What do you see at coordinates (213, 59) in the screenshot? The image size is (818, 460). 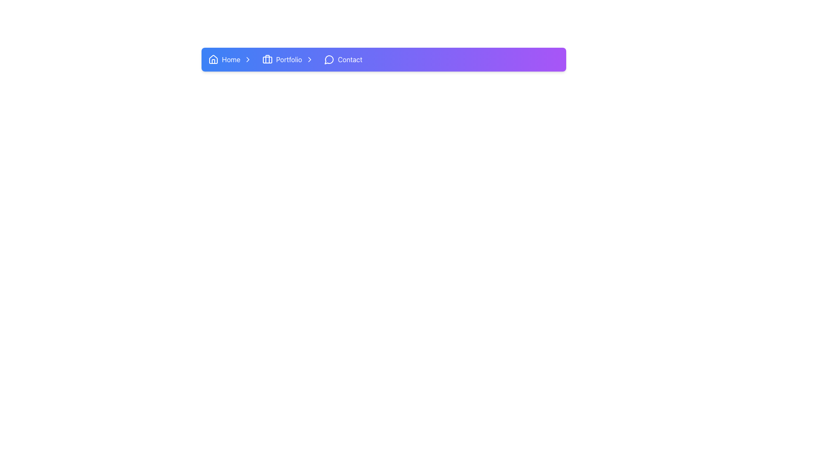 I see `the 'Home' navigation icon located at the leftmost position in the breadcrumb navigation bar` at bounding box center [213, 59].